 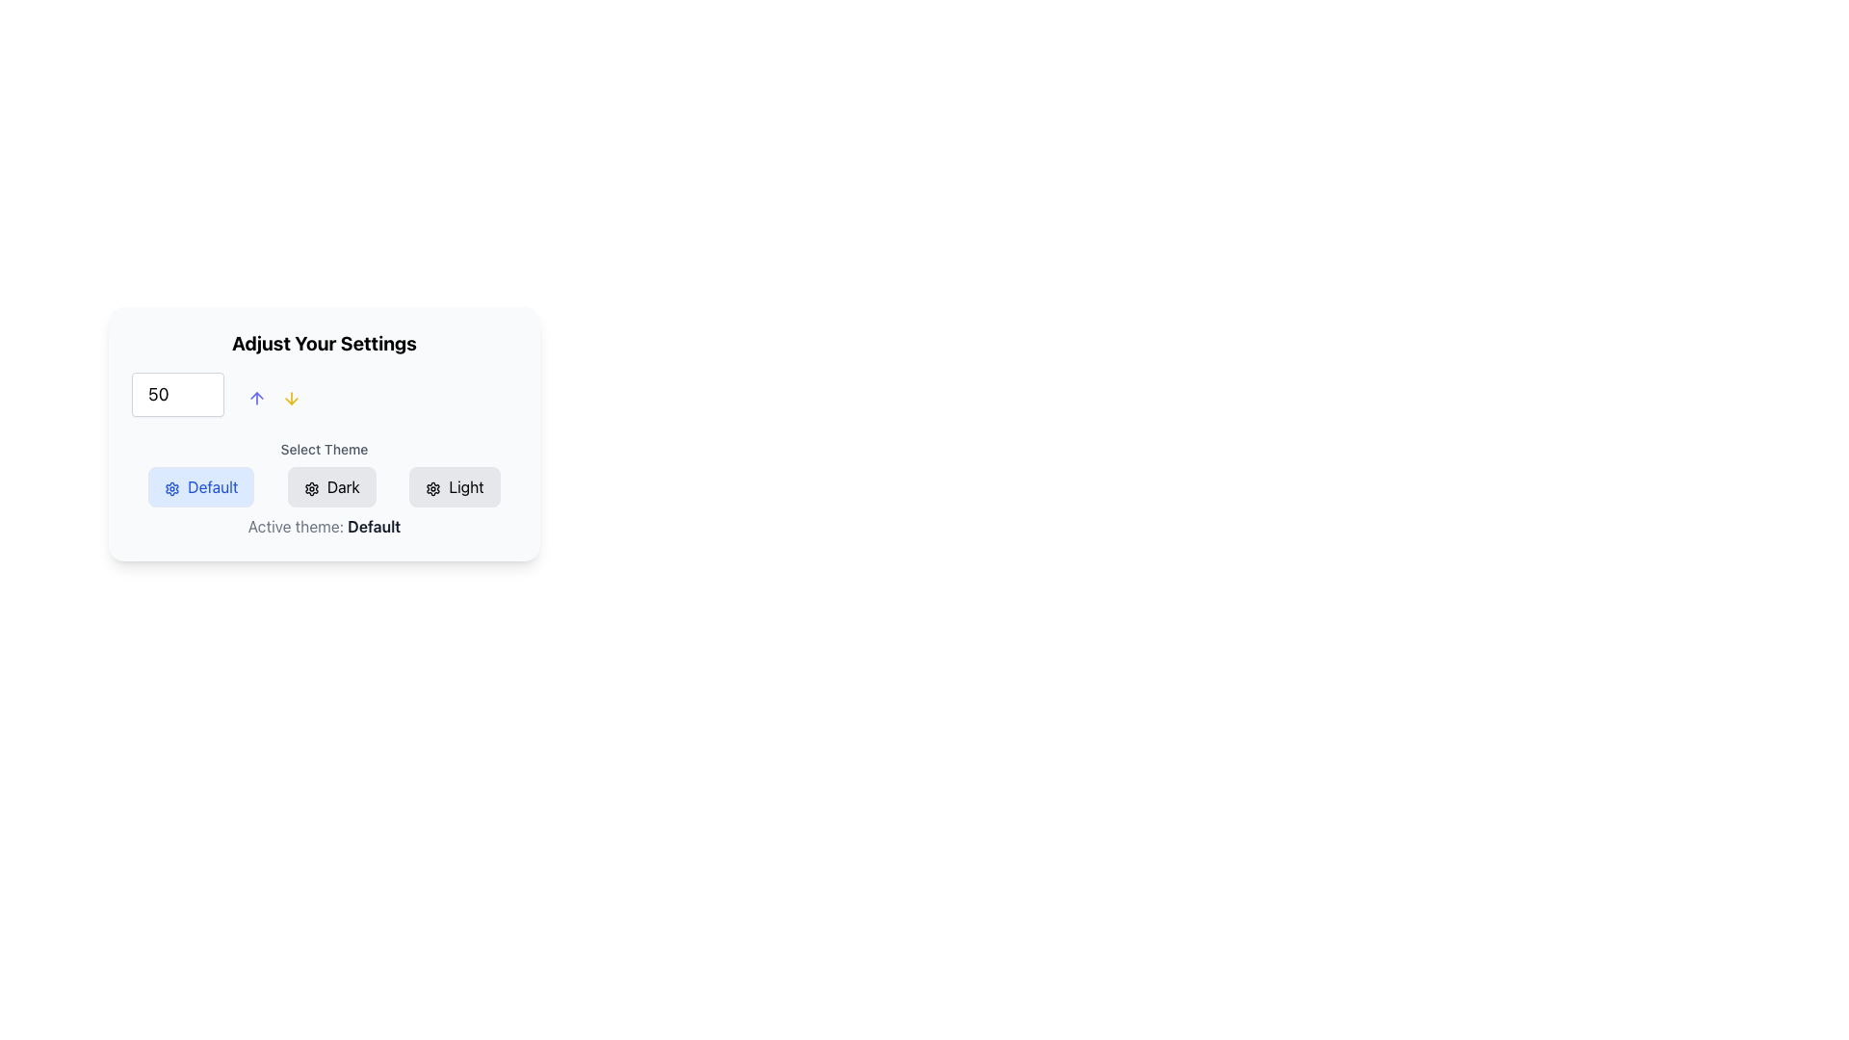 What do you see at coordinates (324, 485) in the screenshot?
I see `the middle button in the row of three theme options` at bounding box center [324, 485].